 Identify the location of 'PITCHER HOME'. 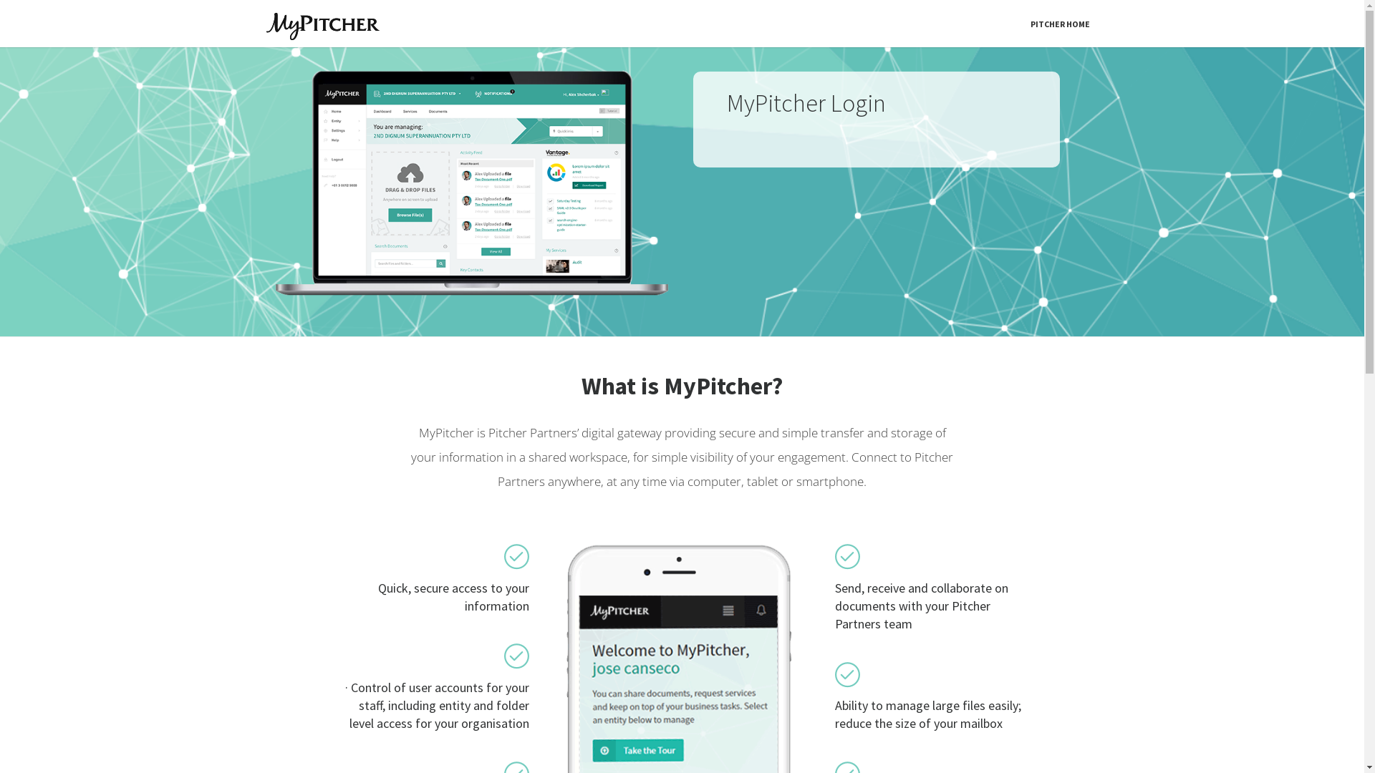
(1022, 24).